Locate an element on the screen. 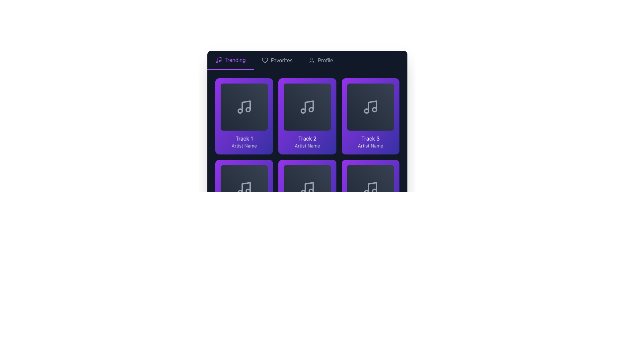  the 'Profile' icon in the top navigation bar, which is located between the 'Favorites' option and the 'Profile' text label is located at coordinates (312, 60).